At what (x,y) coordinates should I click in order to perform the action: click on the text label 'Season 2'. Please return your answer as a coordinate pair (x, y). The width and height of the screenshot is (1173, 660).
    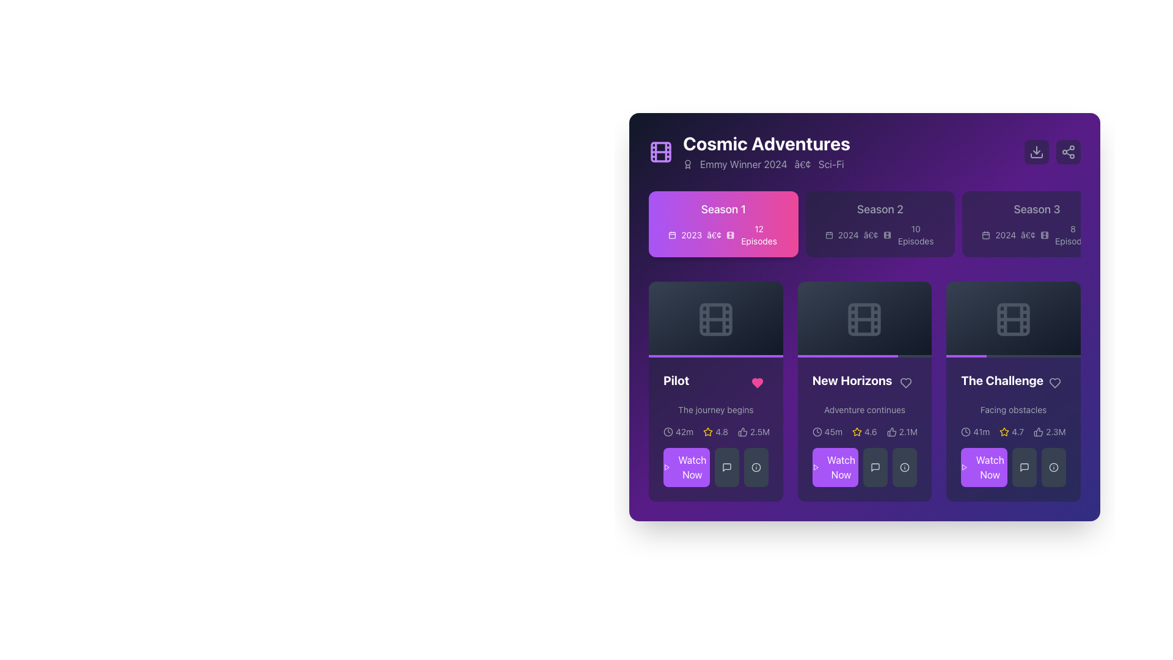
    Looking at the image, I should click on (880, 209).